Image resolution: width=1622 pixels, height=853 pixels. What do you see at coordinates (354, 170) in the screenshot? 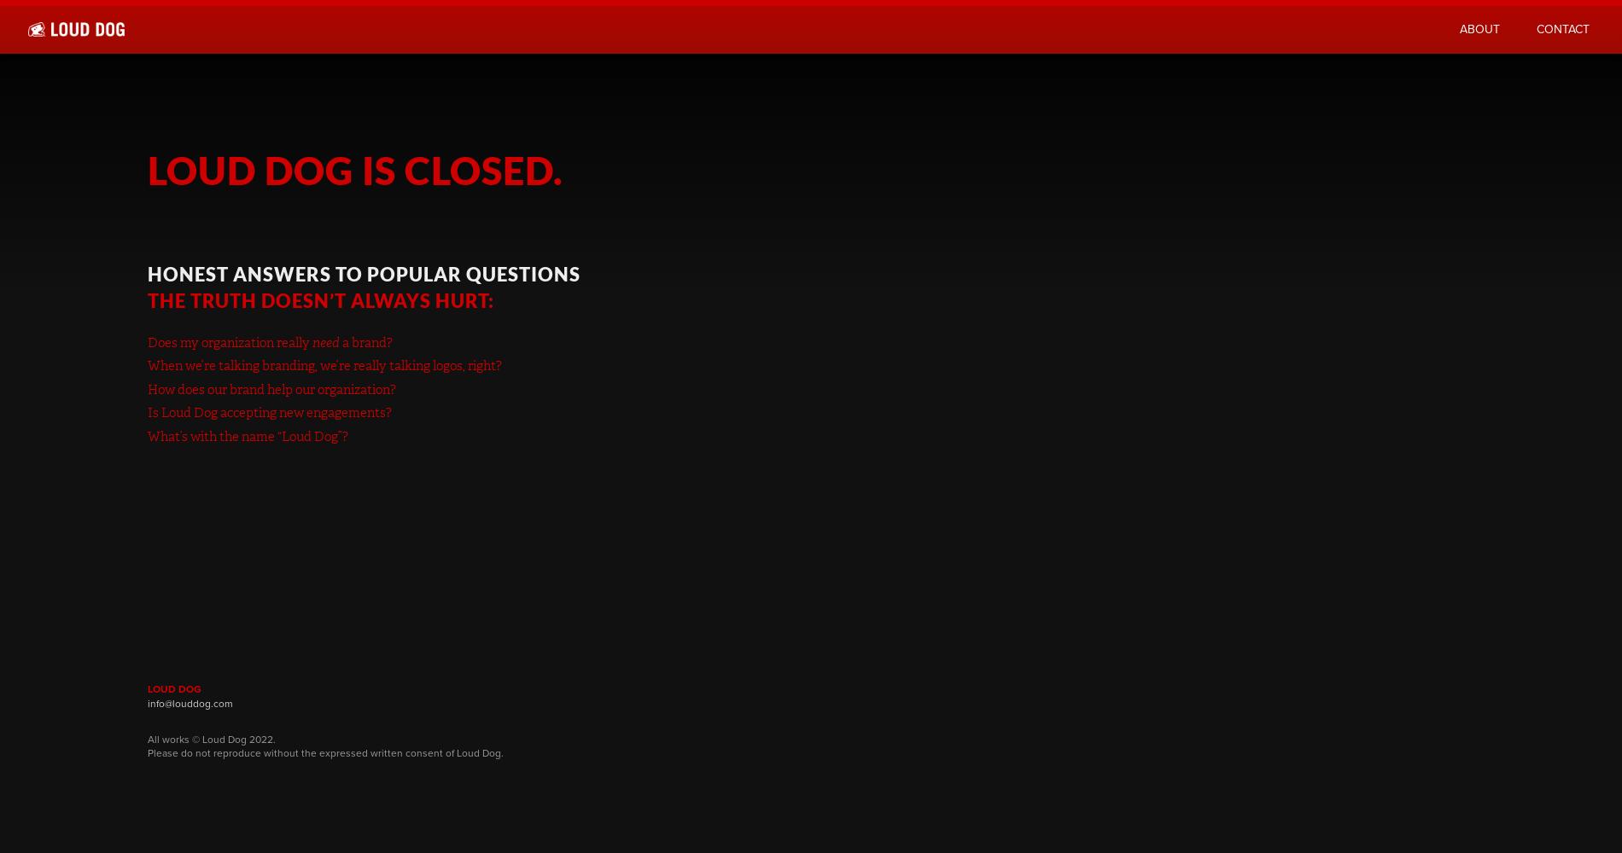
I see `'Loud Dog is closed.'` at bounding box center [354, 170].